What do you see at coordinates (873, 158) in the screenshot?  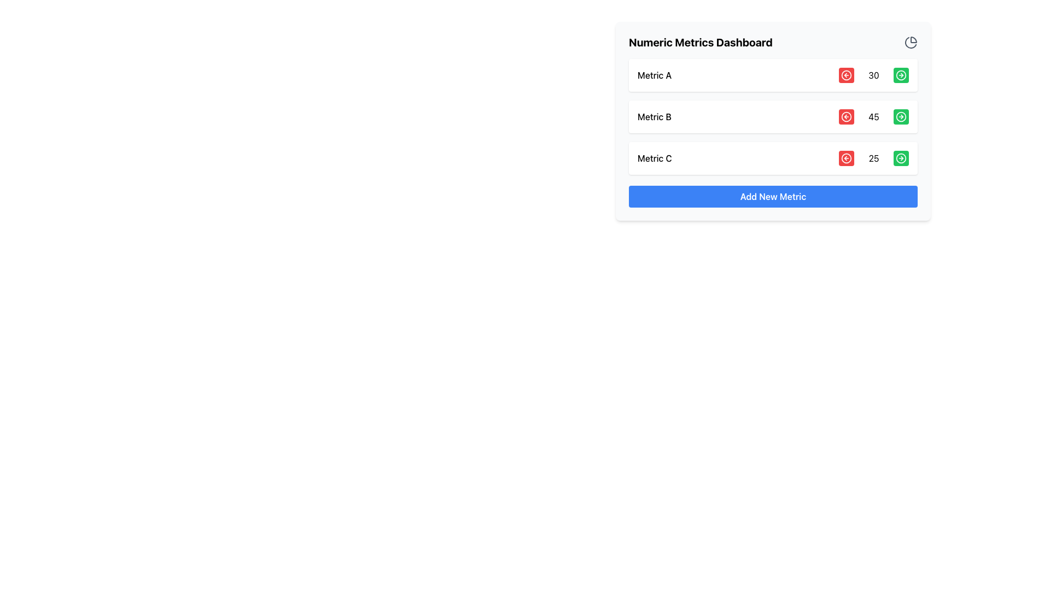 I see `the static text display showing the number '25' in the 'Metric C' row, which is visually aligned between a red button on the left and a green button on the right` at bounding box center [873, 158].